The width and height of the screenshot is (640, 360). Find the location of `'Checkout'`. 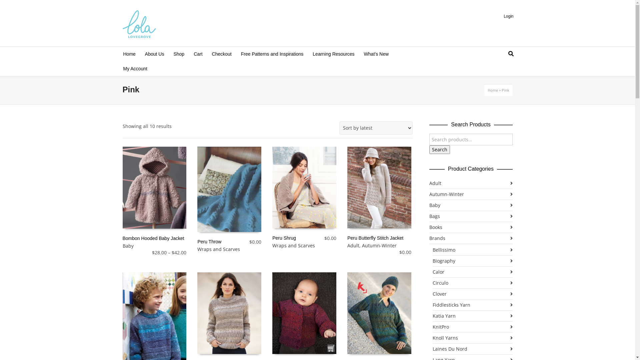

'Checkout' is located at coordinates (222, 54).